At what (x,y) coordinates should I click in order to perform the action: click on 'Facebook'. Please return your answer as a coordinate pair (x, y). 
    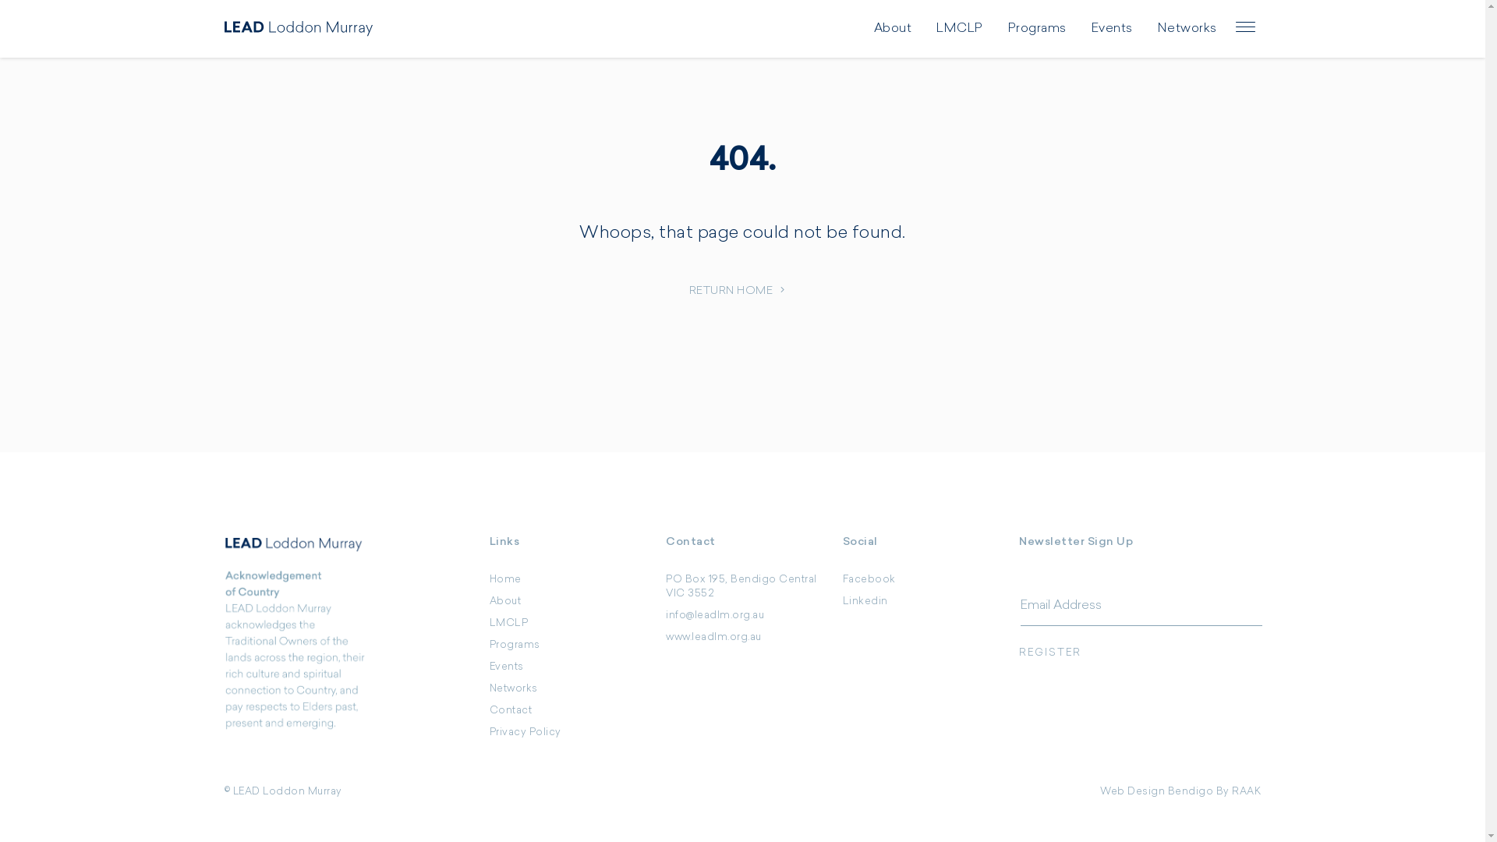
    Looking at the image, I should click on (868, 579).